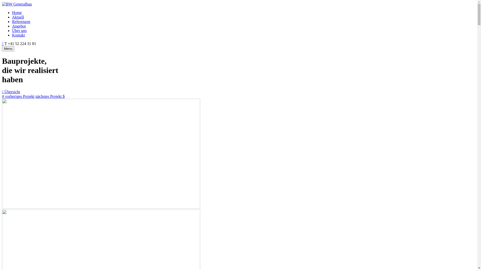 The image size is (481, 270). Describe the element at coordinates (18, 96) in the screenshot. I see `'vorheriges Projekt'` at that location.